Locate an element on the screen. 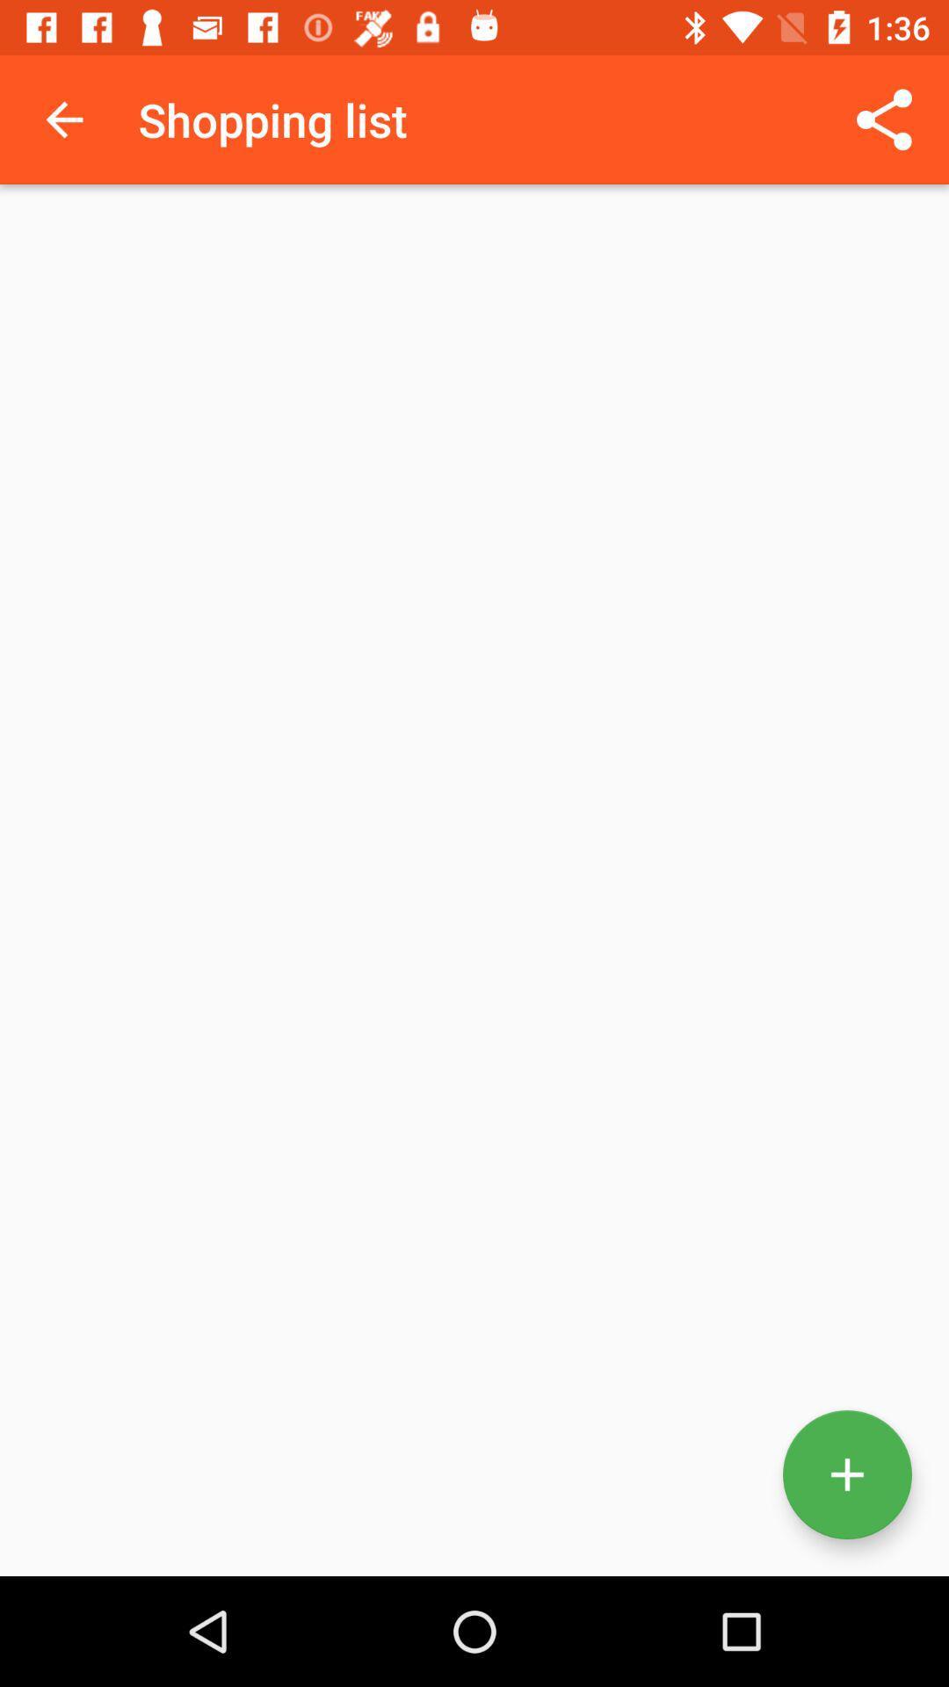 The height and width of the screenshot is (1687, 949). the icon at the bottom right corner is located at coordinates (846, 1474).